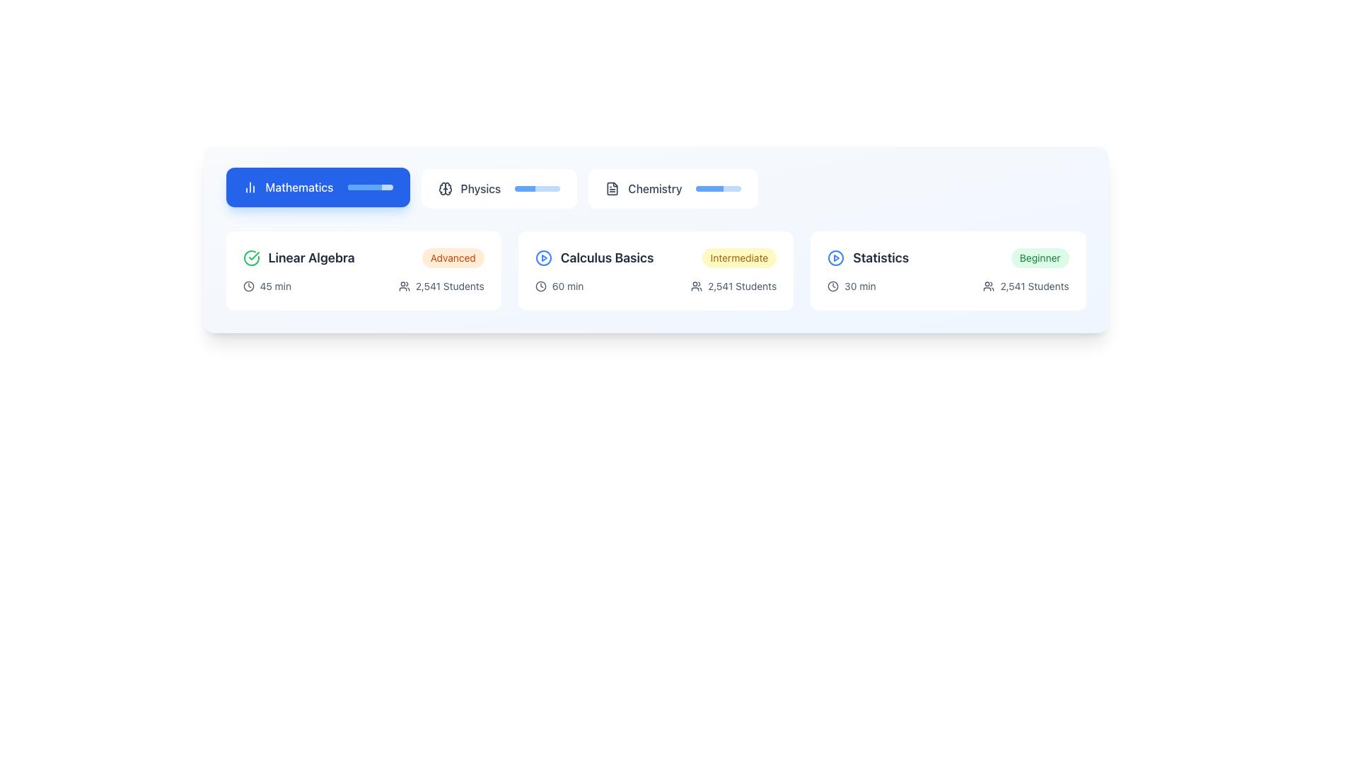  Describe the element at coordinates (709, 187) in the screenshot. I see `the progress bar segment indicating completion level for the 'Chemistry' section` at that location.